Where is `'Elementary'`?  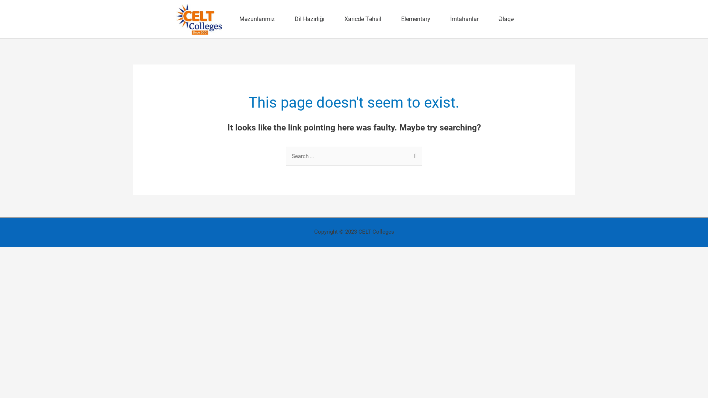
'Elementary' is located at coordinates (416, 18).